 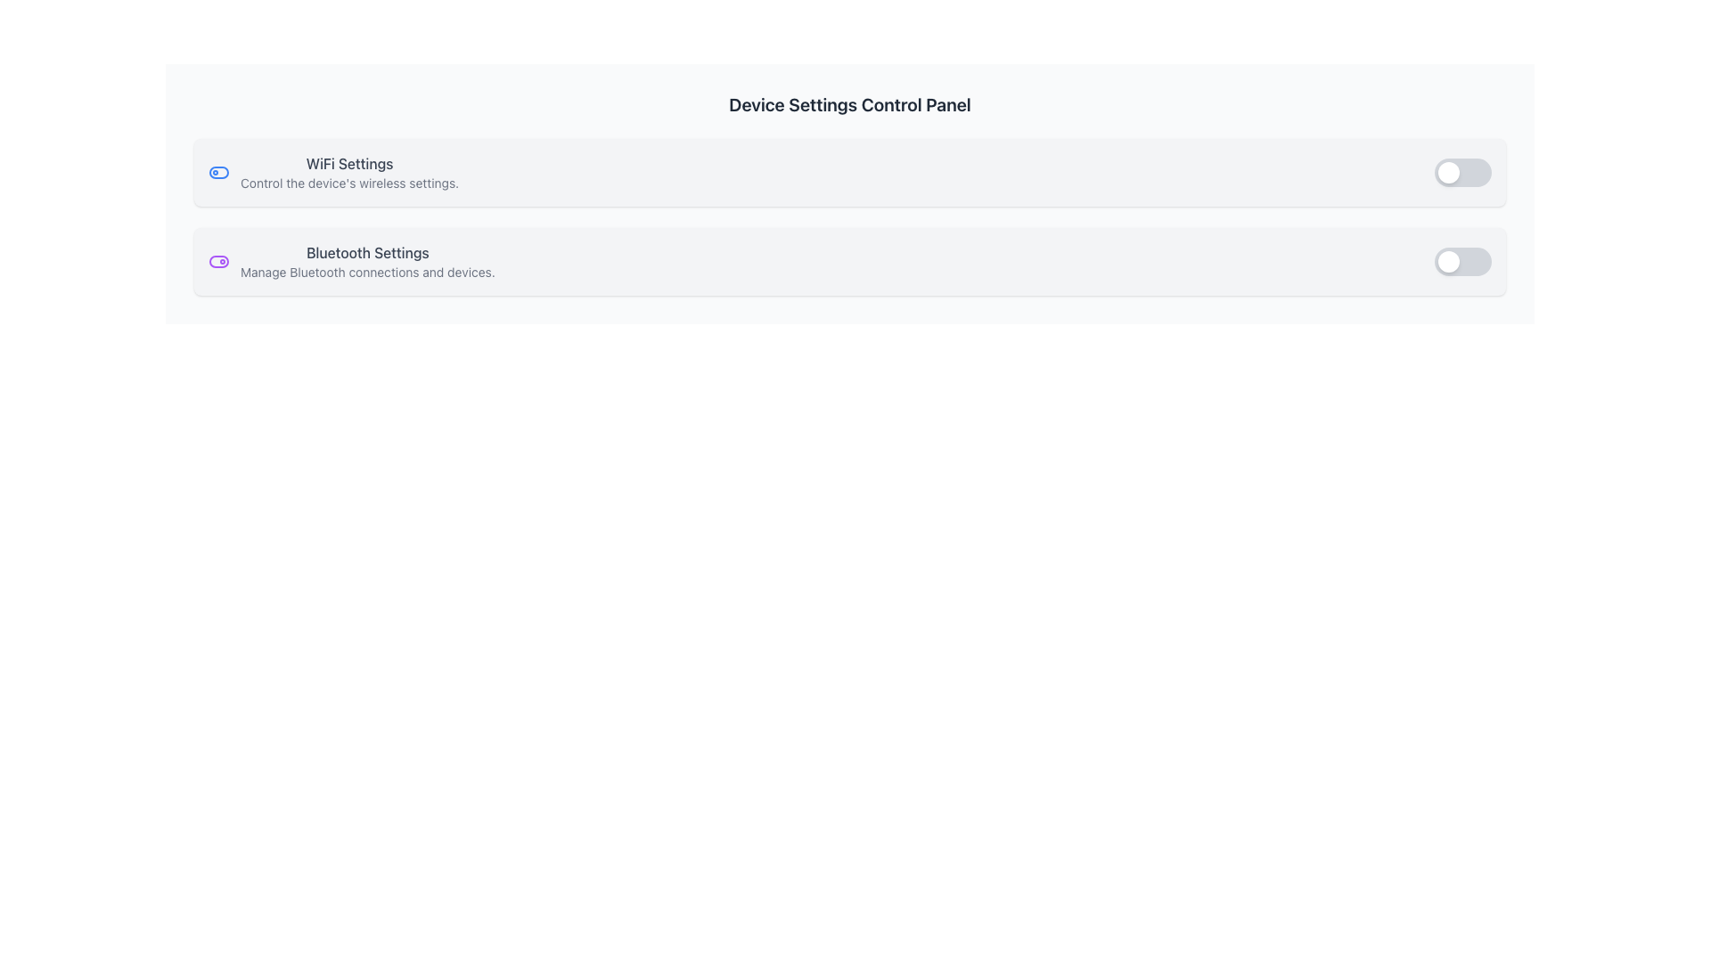 I want to click on the static text label that provides supplementary information for the Bluetooth settings section, located directly below the 'Bluetooth Settings' heading, so click(x=366, y=272).